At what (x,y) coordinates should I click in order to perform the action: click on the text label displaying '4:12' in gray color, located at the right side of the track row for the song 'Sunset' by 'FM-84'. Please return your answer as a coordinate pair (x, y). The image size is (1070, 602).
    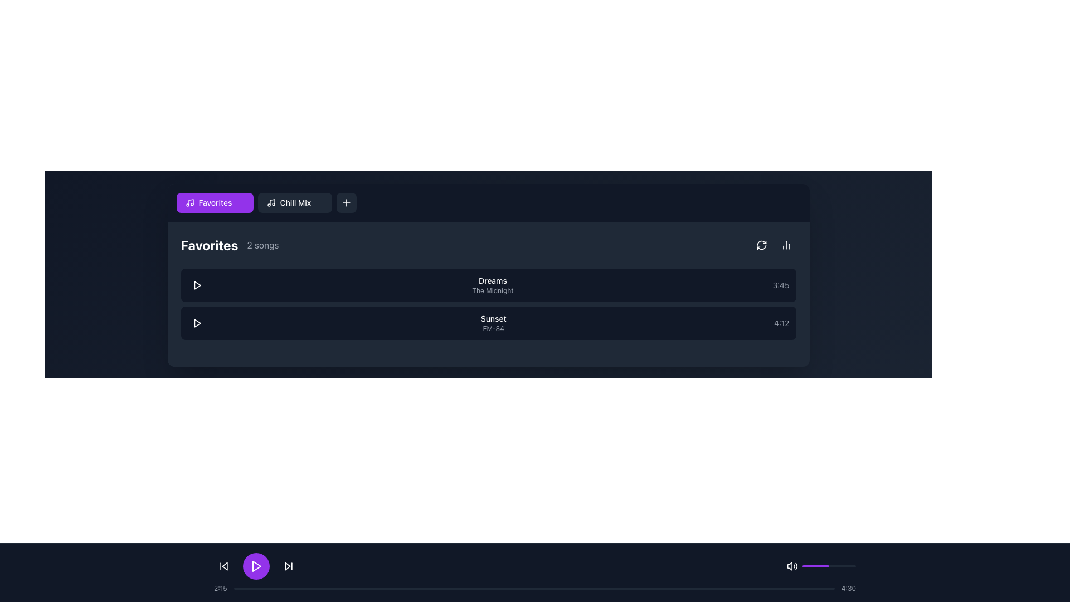
    Looking at the image, I should click on (781, 323).